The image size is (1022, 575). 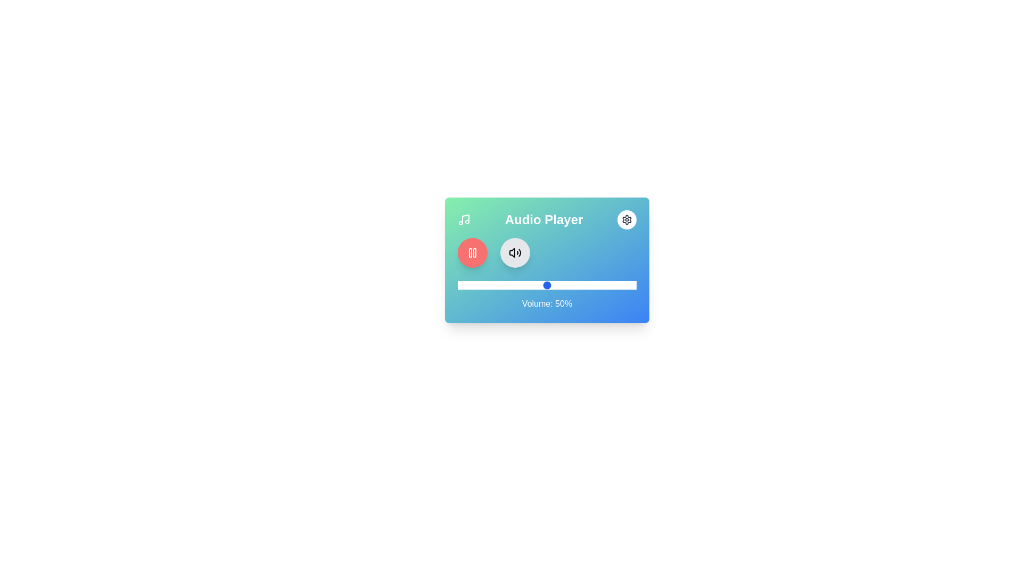 I want to click on volume, so click(x=475, y=285).